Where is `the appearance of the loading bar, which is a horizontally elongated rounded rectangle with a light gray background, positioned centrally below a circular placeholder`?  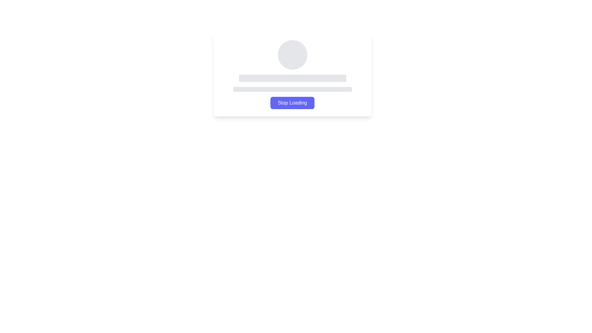 the appearance of the loading bar, which is a horizontally elongated rounded rectangle with a light gray background, positioned centrally below a circular placeholder is located at coordinates (292, 78).